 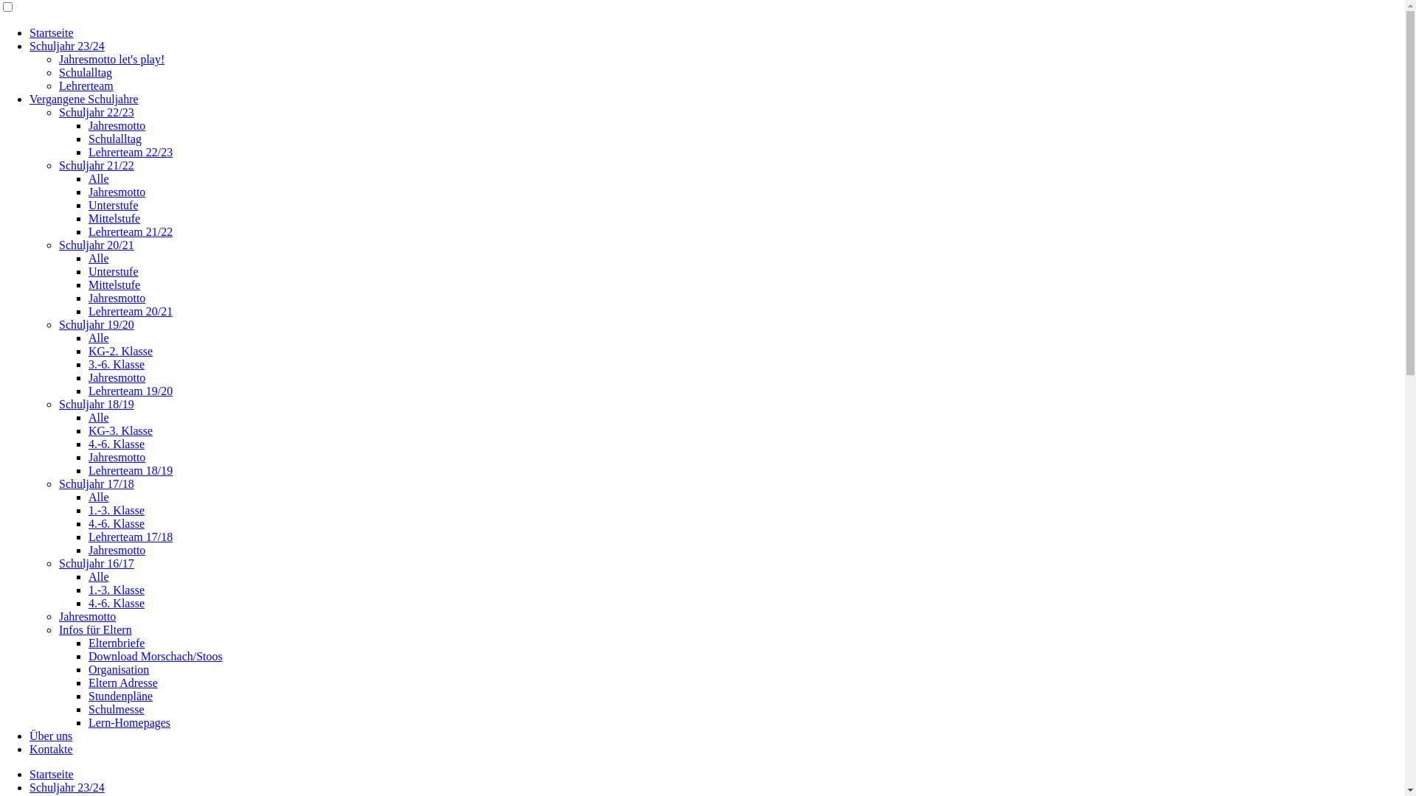 I want to click on 'Alle', so click(x=98, y=497).